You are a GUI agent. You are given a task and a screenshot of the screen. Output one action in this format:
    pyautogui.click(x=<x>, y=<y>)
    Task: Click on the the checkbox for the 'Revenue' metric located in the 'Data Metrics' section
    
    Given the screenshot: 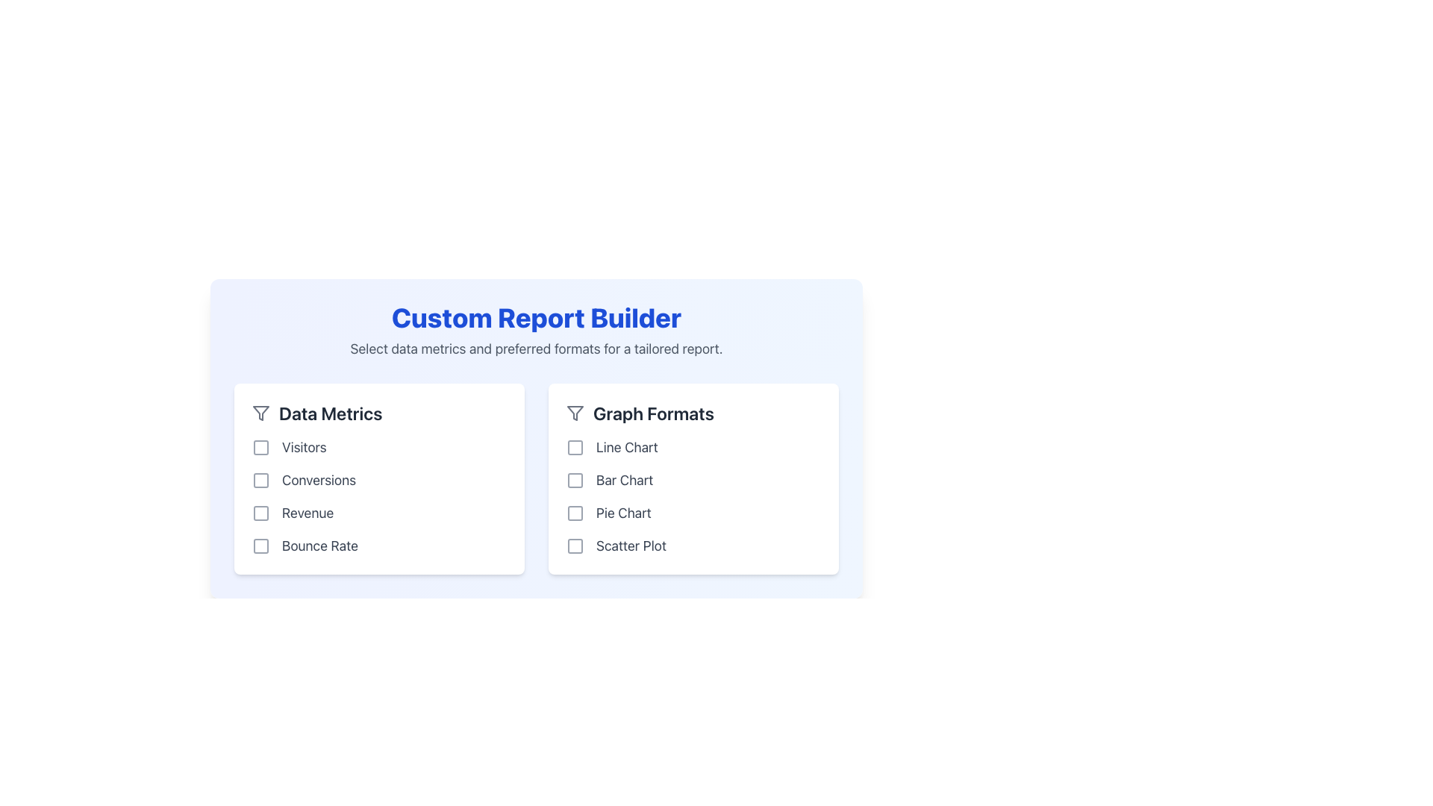 What is the action you would take?
    pyautogui.click(x=261, y=512)
    